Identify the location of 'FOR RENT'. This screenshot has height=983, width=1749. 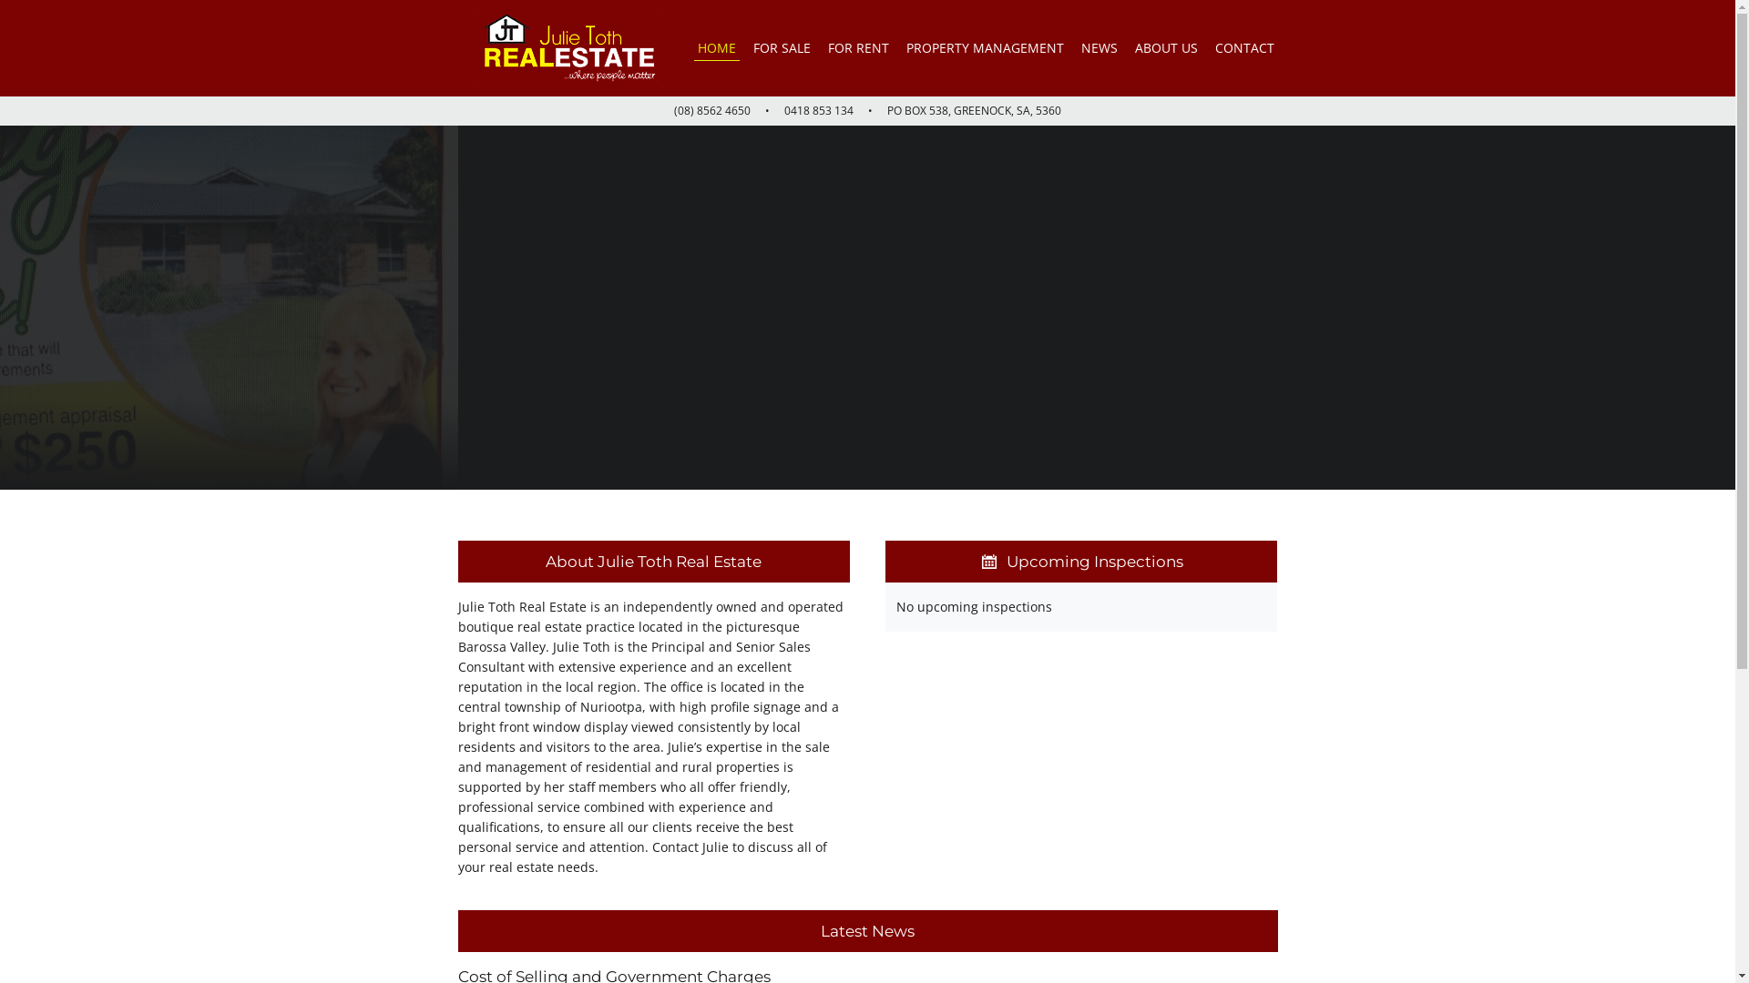
(856, 47).